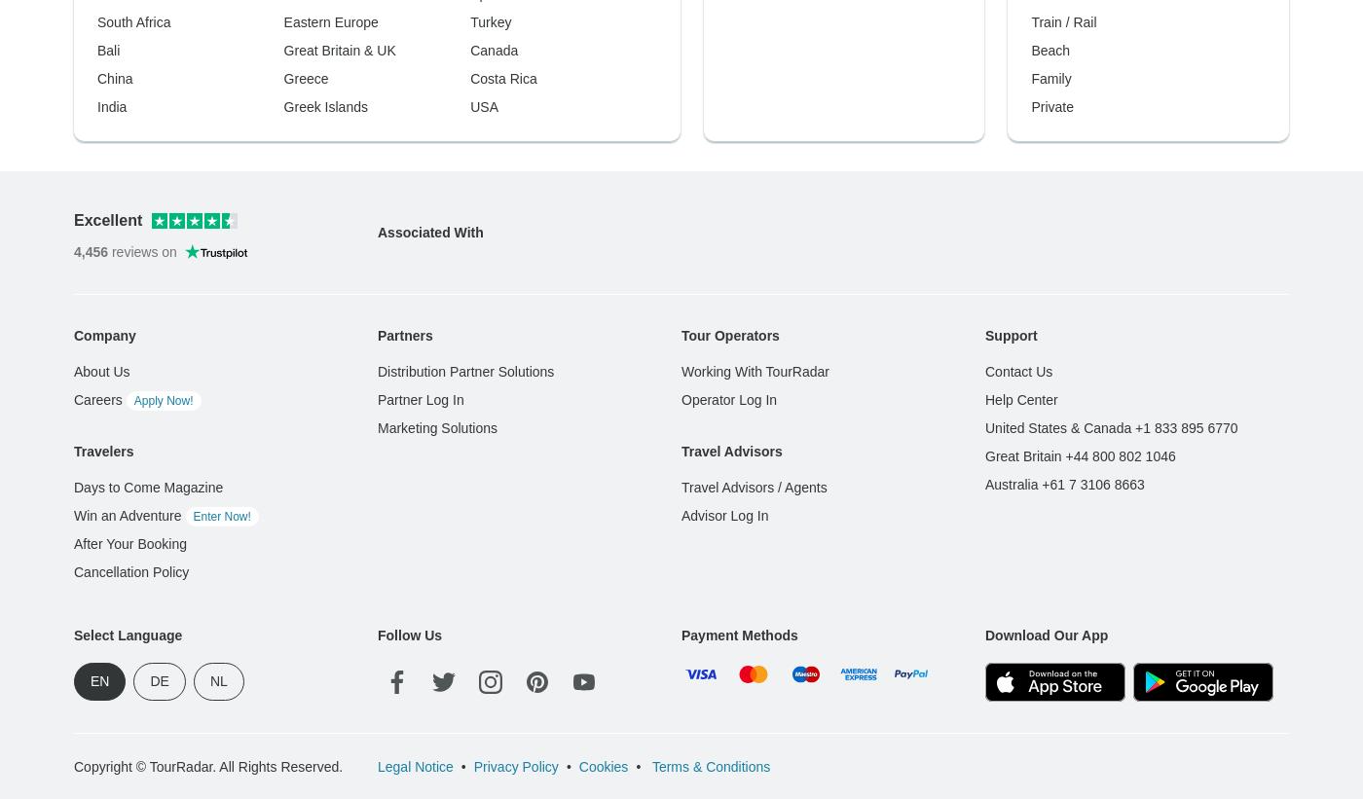 Image resolution: width=1363 pixels, height=799 pixels. What do you see at coordinates (404, 20) in the screenshot?
I see `'Partners'` at bounding box center [404, 20].